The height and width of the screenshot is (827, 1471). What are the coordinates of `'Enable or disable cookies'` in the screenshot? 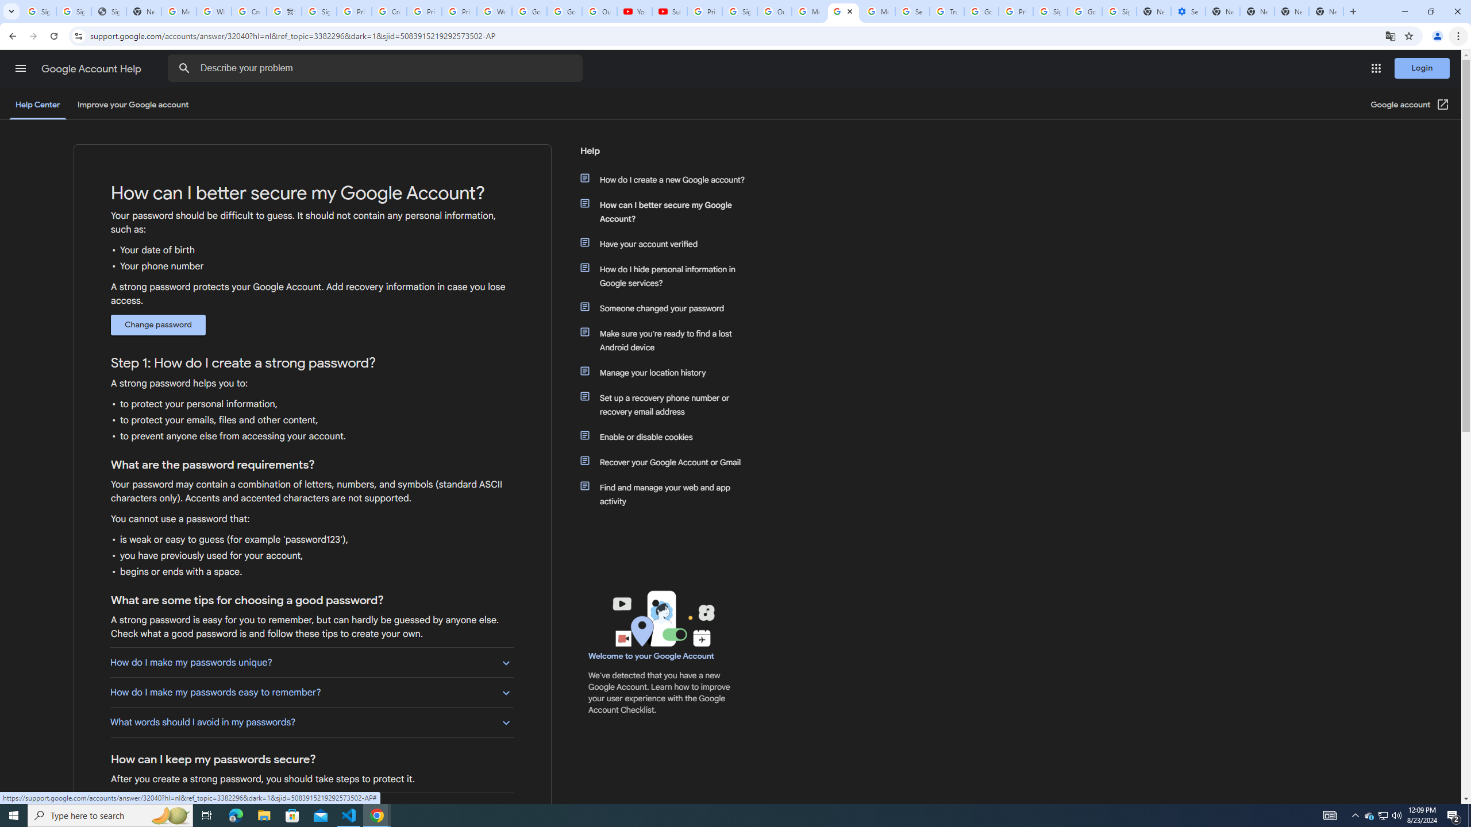 It's located at (668, 437).